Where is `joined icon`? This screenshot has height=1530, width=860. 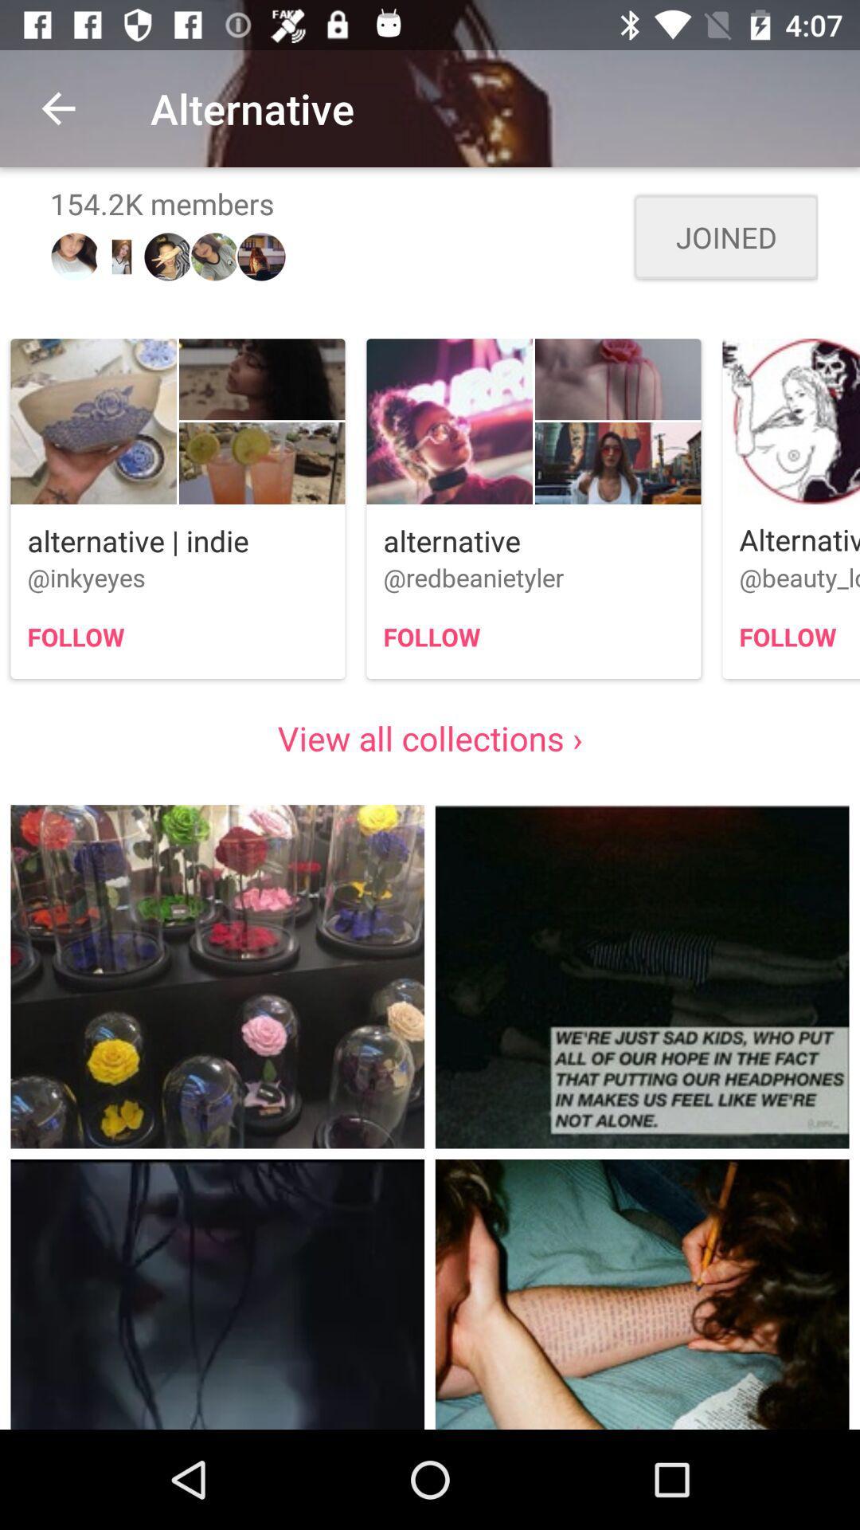
joined icon is located at coordinates (725, 236).